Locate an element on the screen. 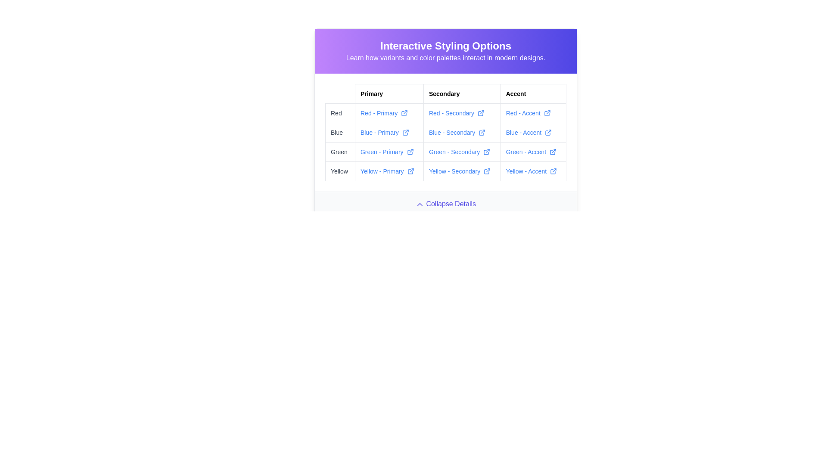 The height and width of the screenshot is (465, 827). the clickable text label reading 'Yellow - Accent' styled with a blue hyperlink color is located at coordinates (533, 171).